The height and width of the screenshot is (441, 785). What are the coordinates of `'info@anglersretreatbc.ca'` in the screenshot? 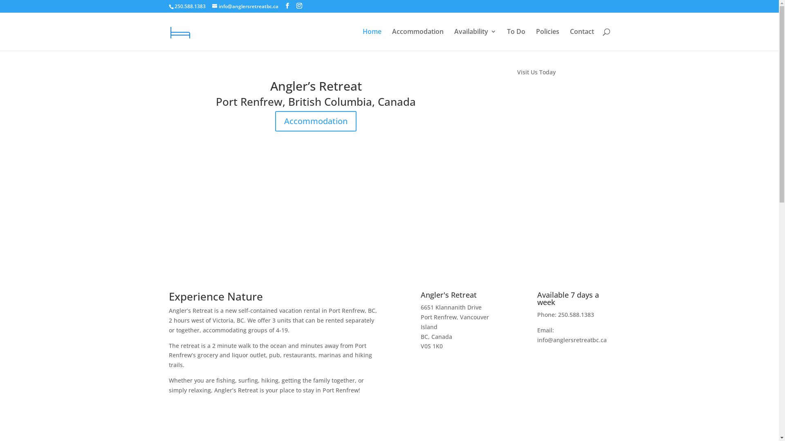 It's located at (244, 6).